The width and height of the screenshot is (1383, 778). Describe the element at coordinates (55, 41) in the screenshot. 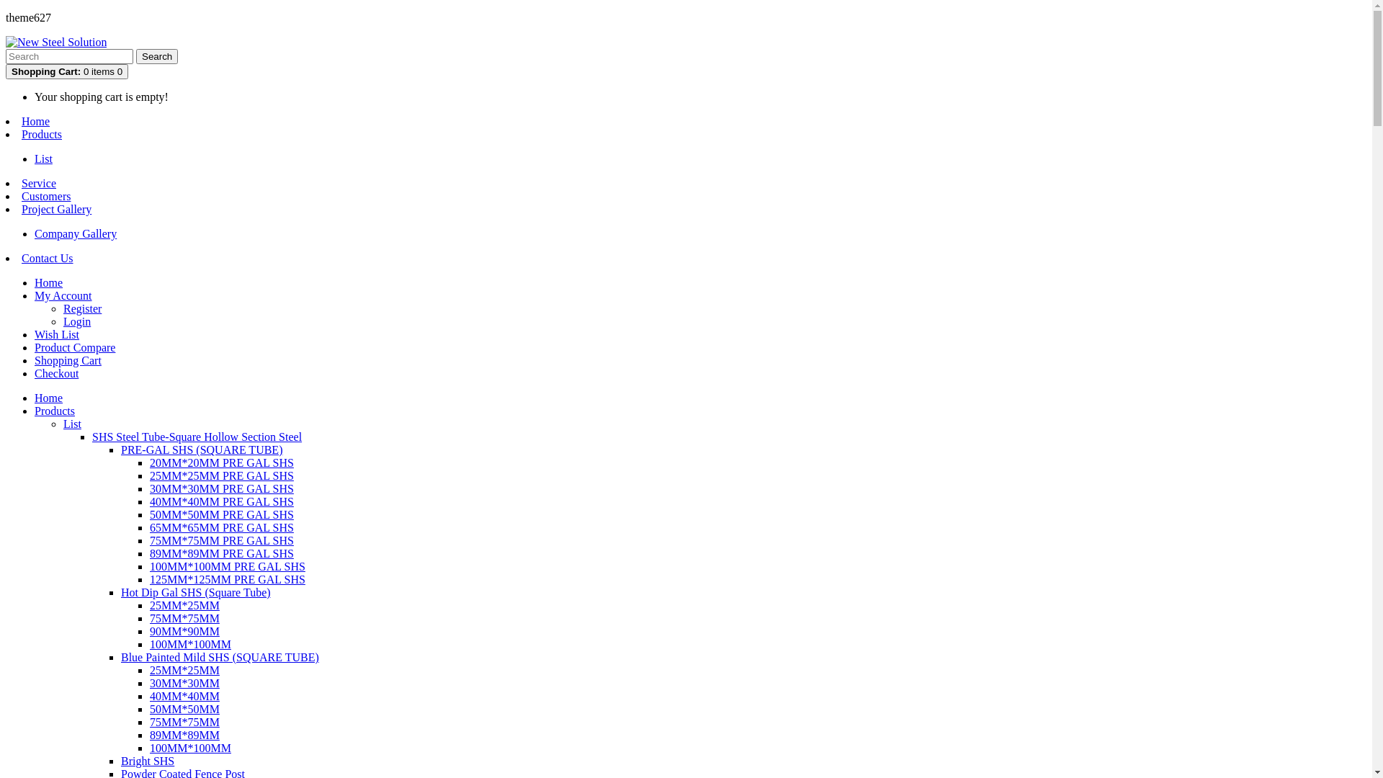

I see `'New Steel Solution'` at that location.